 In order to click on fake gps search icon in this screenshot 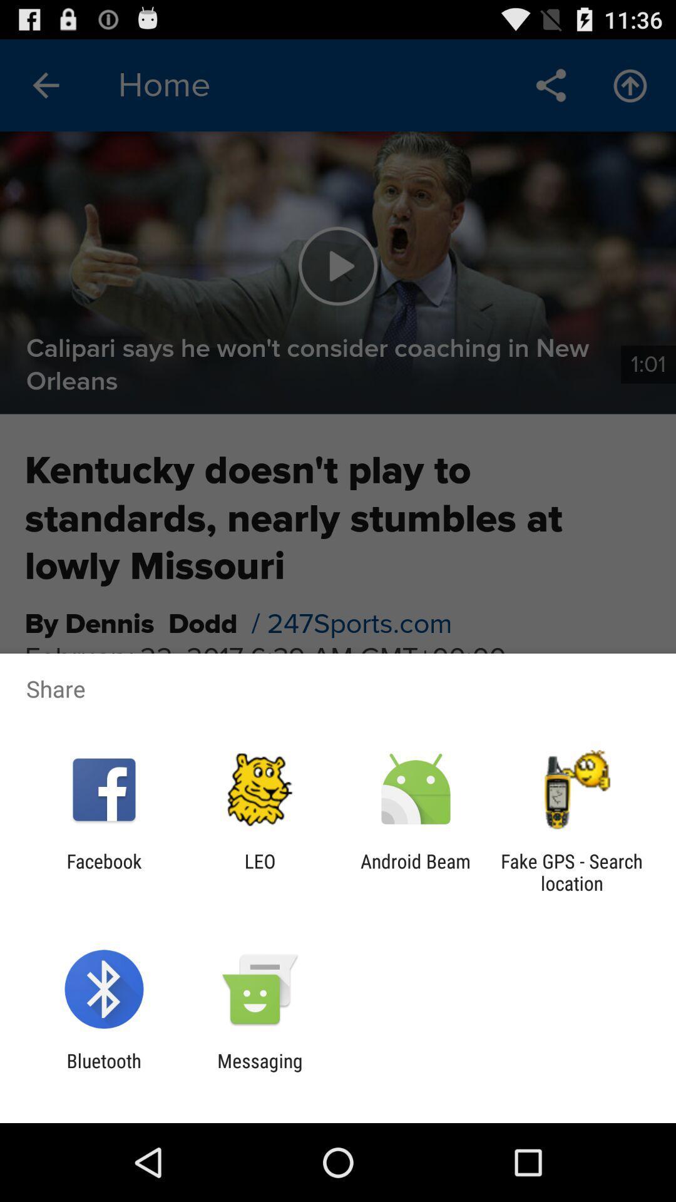, I will do `click(571, 871)`.